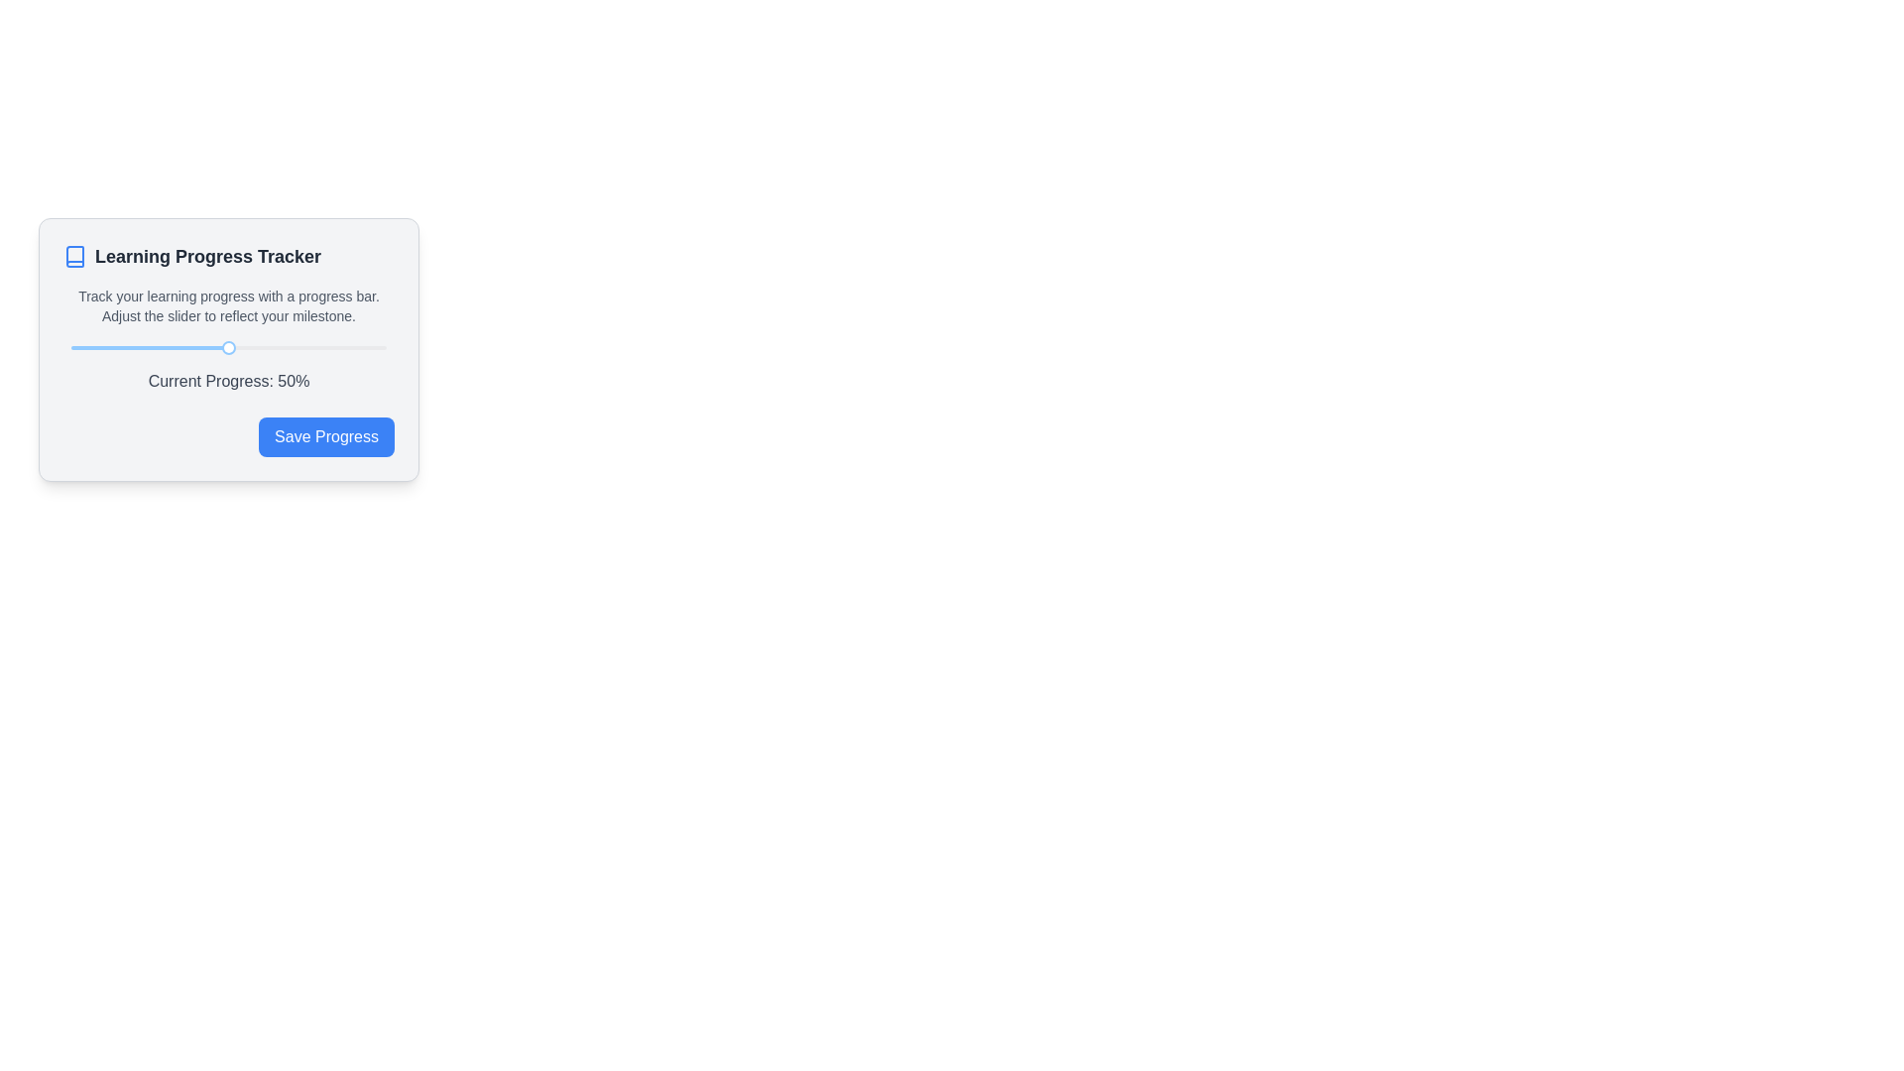 Image resolution: width=1904 pixels, height=1071 pixels. I want to click on the current progress, so click(364, 347).